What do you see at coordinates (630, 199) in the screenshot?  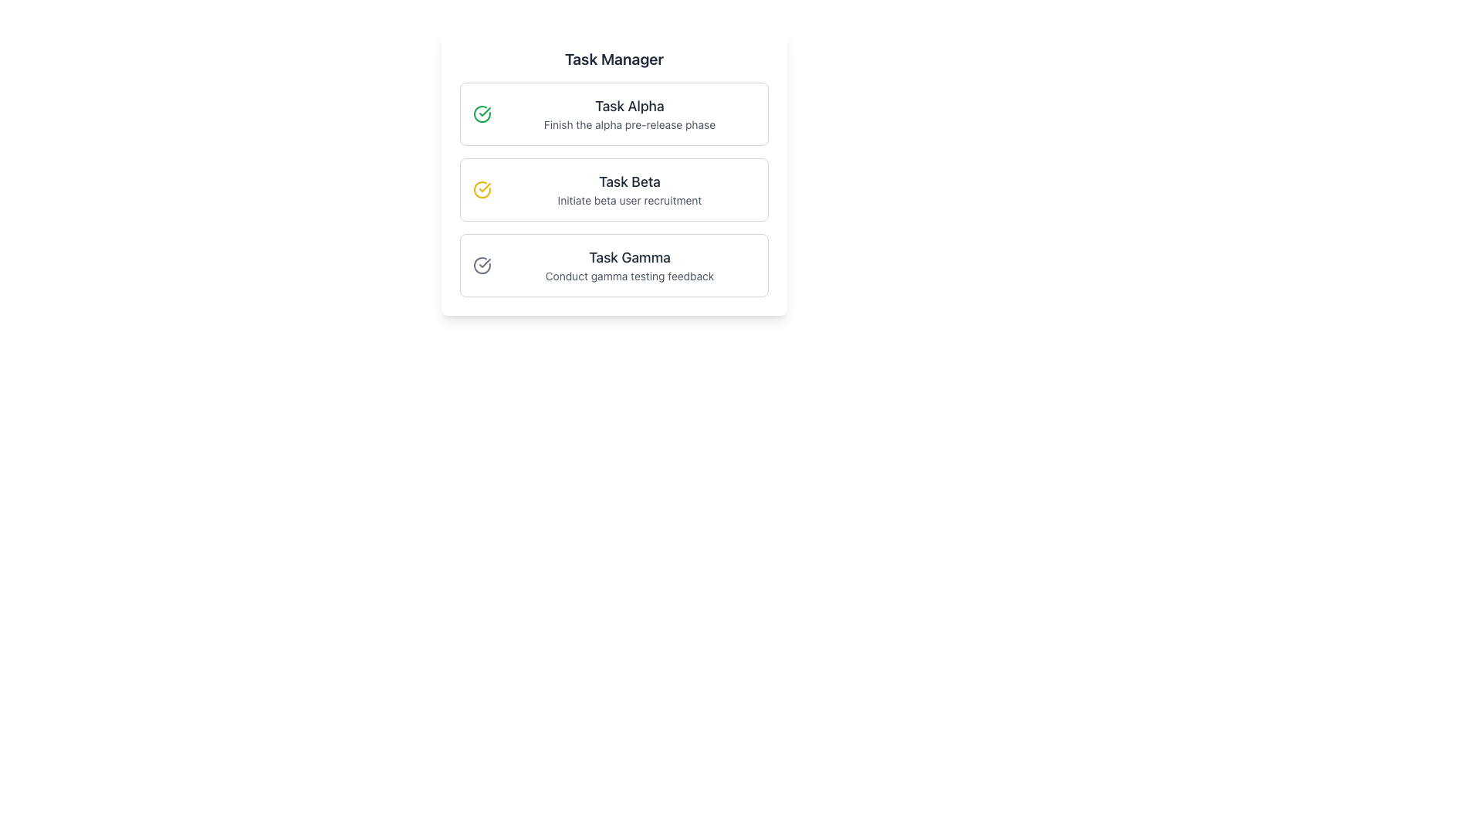 I see `the subtitle text that provides additional information for the task labeled 'Task Beta', located directly below the 'Task Beta' heading` at bounding box center [630, 199].